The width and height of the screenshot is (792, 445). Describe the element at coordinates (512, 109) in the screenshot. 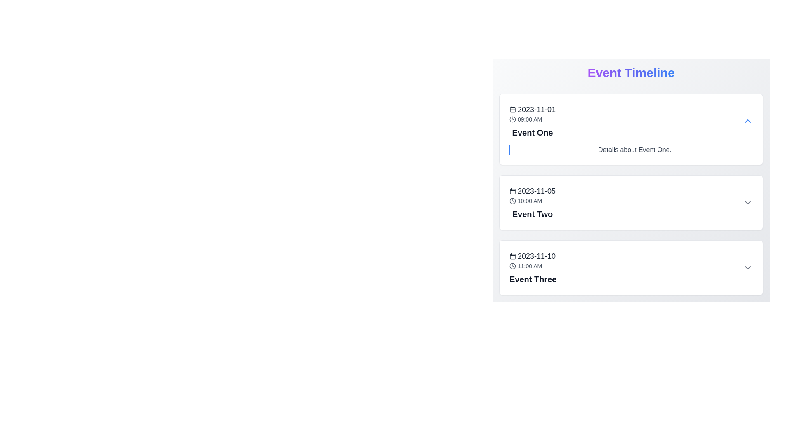

I see `the date indicator icon located to the left of the date '2023-11-01' in the Event Timeline section` at that location.